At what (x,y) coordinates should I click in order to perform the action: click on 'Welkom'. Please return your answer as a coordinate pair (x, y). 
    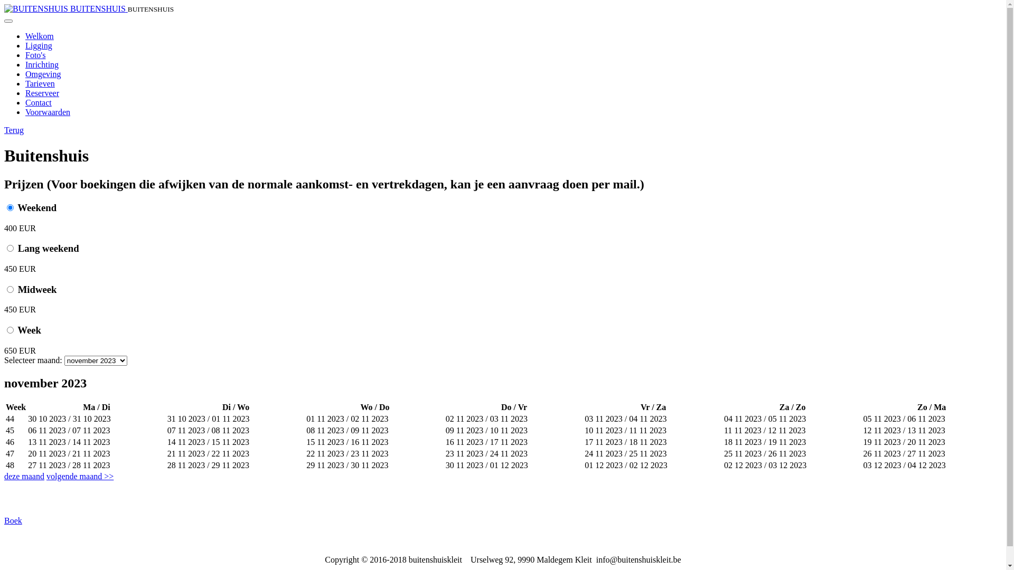
    Looking at the image, I should click on (40, 35).